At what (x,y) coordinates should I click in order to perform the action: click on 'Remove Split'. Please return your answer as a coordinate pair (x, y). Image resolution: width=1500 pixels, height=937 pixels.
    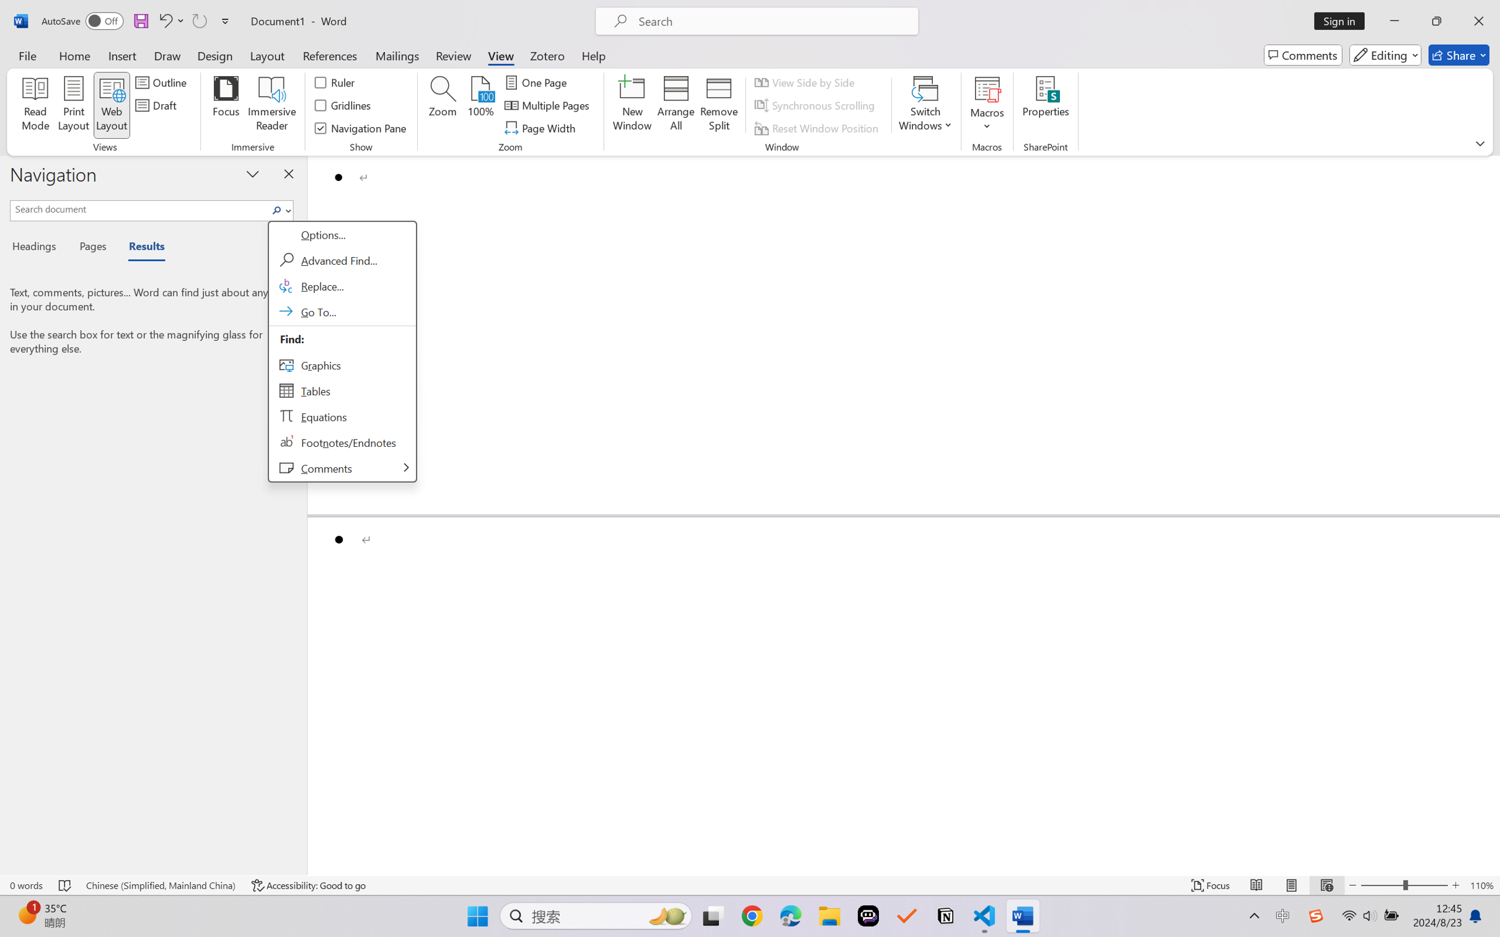
    Looking at the image, I should click on (719, 105).